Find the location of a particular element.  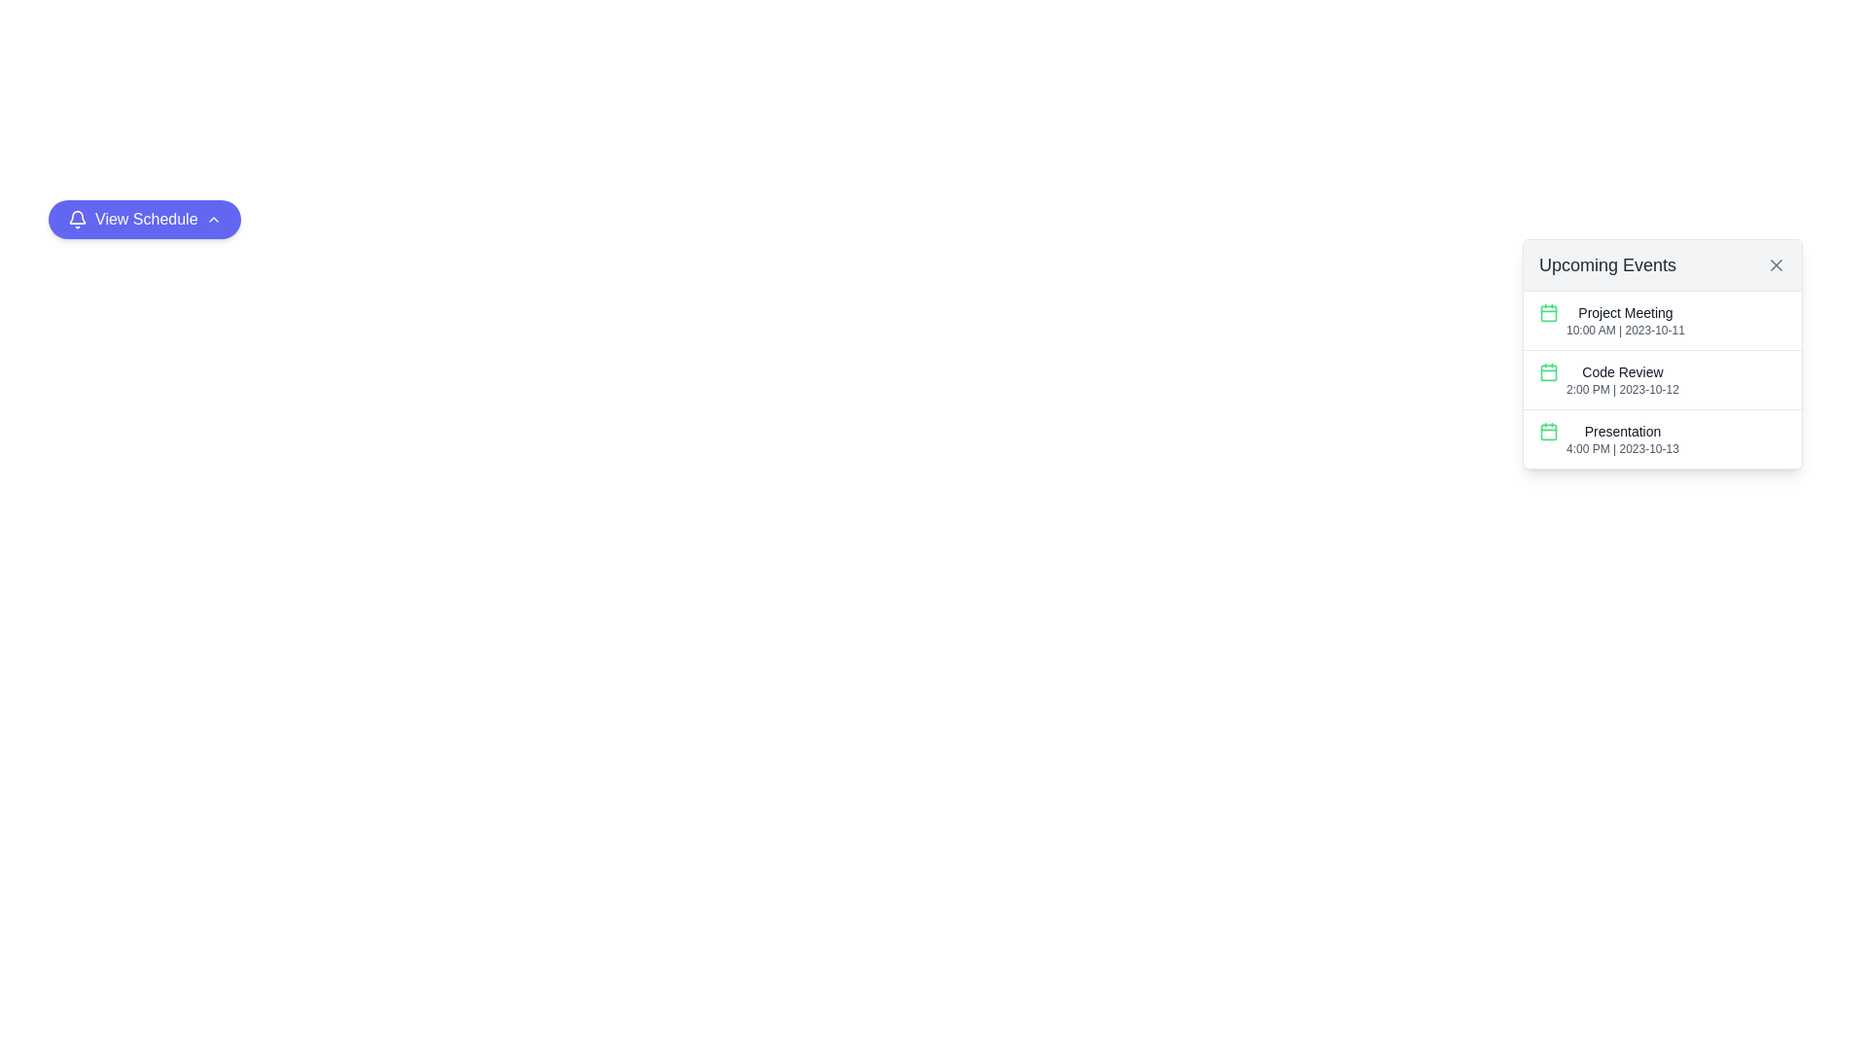

the dismiss/close button, which is represented by a diagonal cross (X) icon in the top-right corner of the 'Upcoming Events' card is located at coordinates (1777, 265).